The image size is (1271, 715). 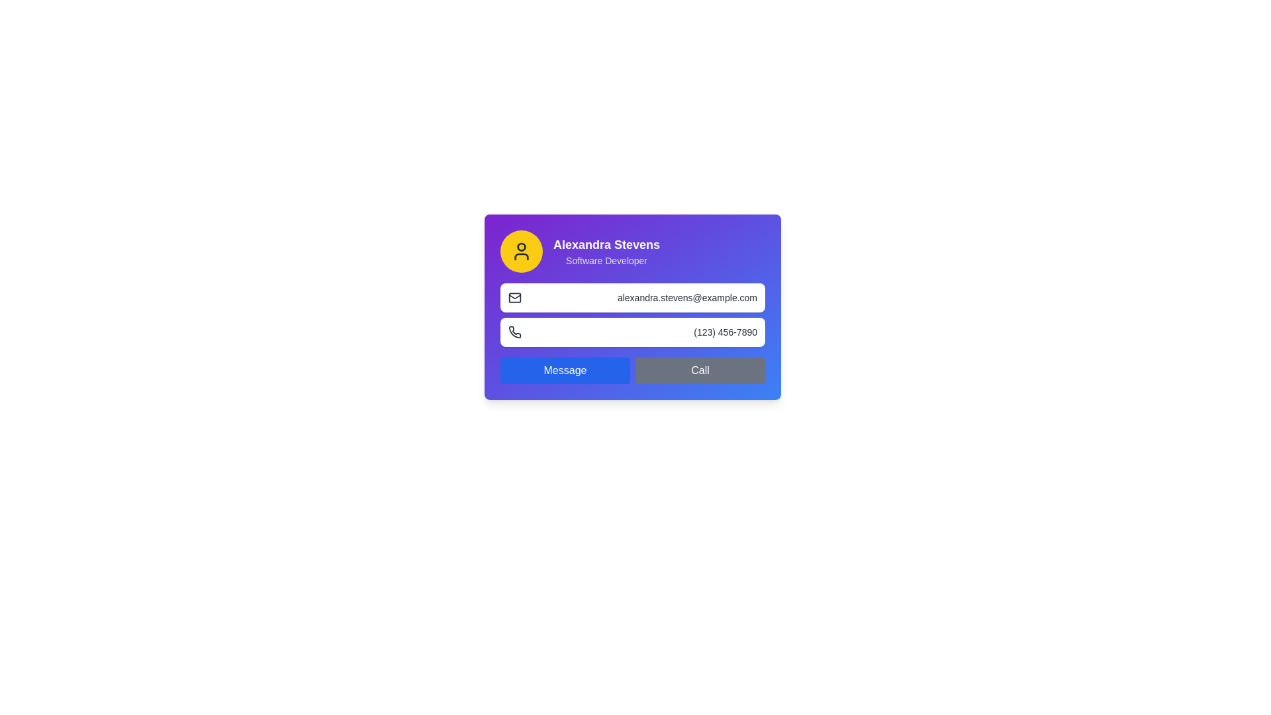 I want to click on the text label that presents the name of an individual in the contact card, located near the top-left corner of the interface, directly to the right of the circular yellow icon with a user silhouette, so click(x=606, y=245).